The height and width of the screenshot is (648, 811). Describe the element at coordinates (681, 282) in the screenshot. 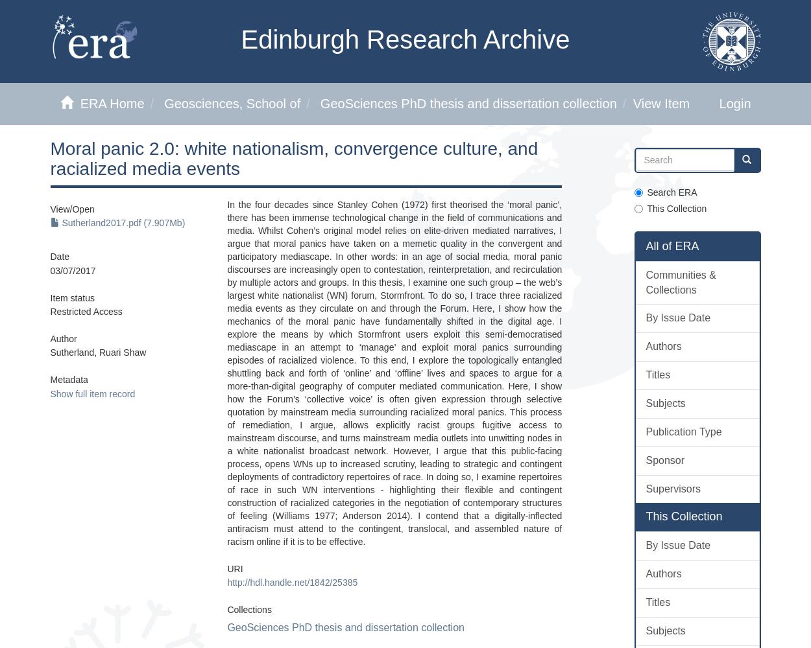

I see `'Communities & Collections'` at that location.